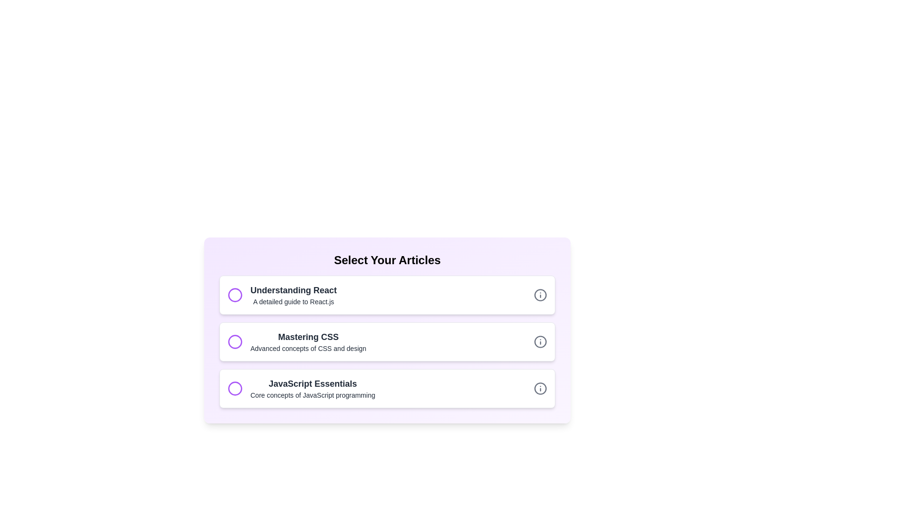 The image size is (916, 515). What do you see at coordinates (540, 294) in the screenshot?
I see `the info icon for the article titled 'Understanding React'` at bounding box center [540, 294].